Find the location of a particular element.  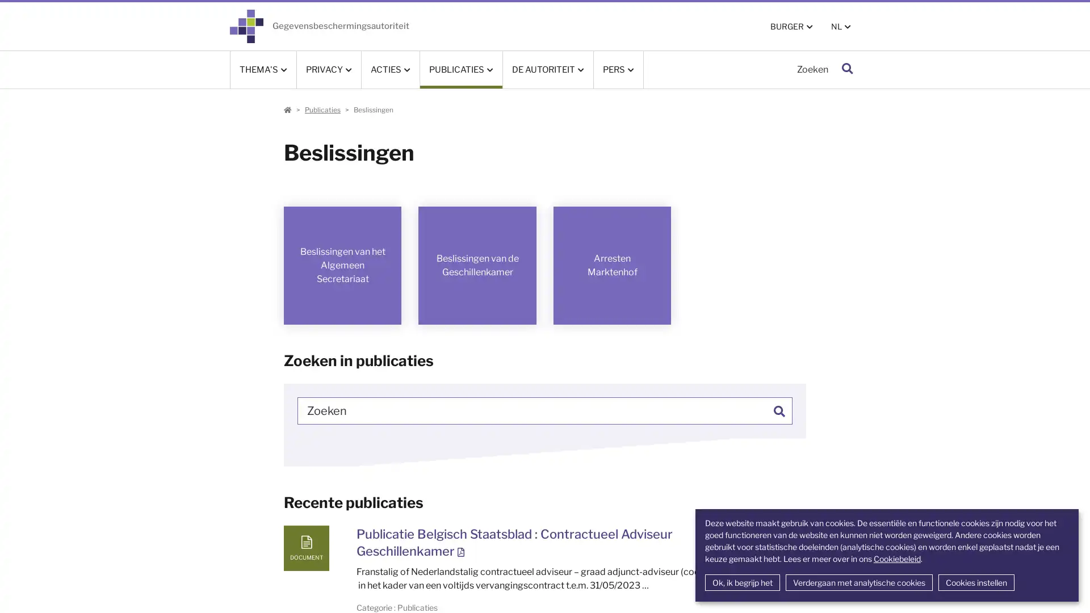

Cookies instellen is located at coordinates (975, 582).